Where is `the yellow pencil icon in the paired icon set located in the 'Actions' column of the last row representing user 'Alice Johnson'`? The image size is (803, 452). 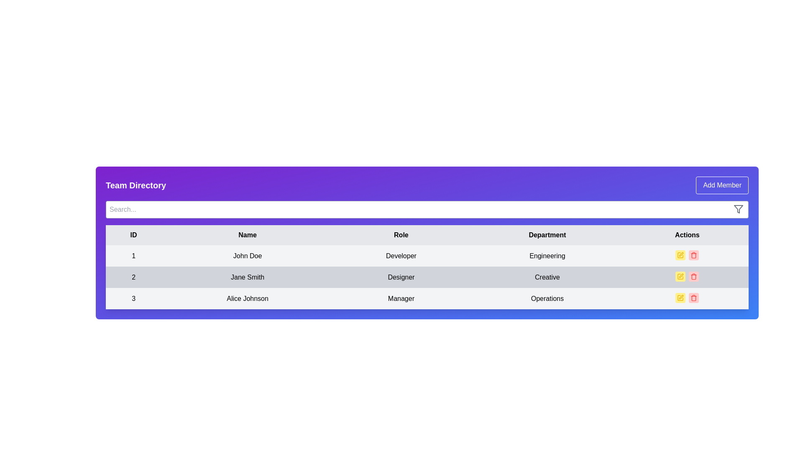
the yellow pencil icon in the paired icon set located in the 'Actions' column of the last row representing user 'Alice Johnson' is located at coordinates (687, 298).